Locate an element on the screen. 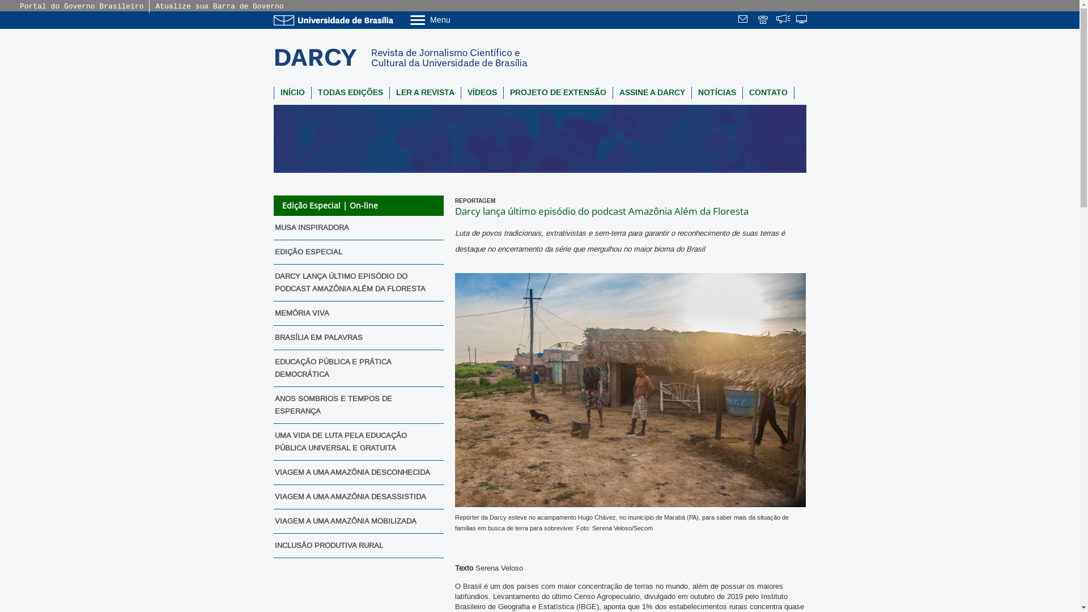  'CONTATO' is located at coordinates (742, 92).